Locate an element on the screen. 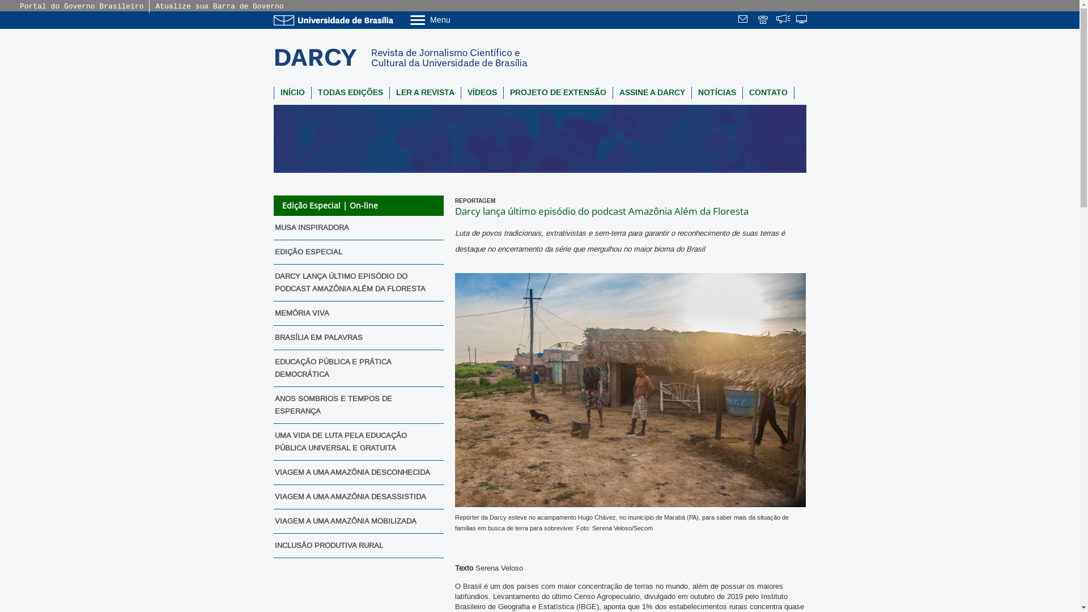  'CONTATO' is located at coordinates (742, 92).